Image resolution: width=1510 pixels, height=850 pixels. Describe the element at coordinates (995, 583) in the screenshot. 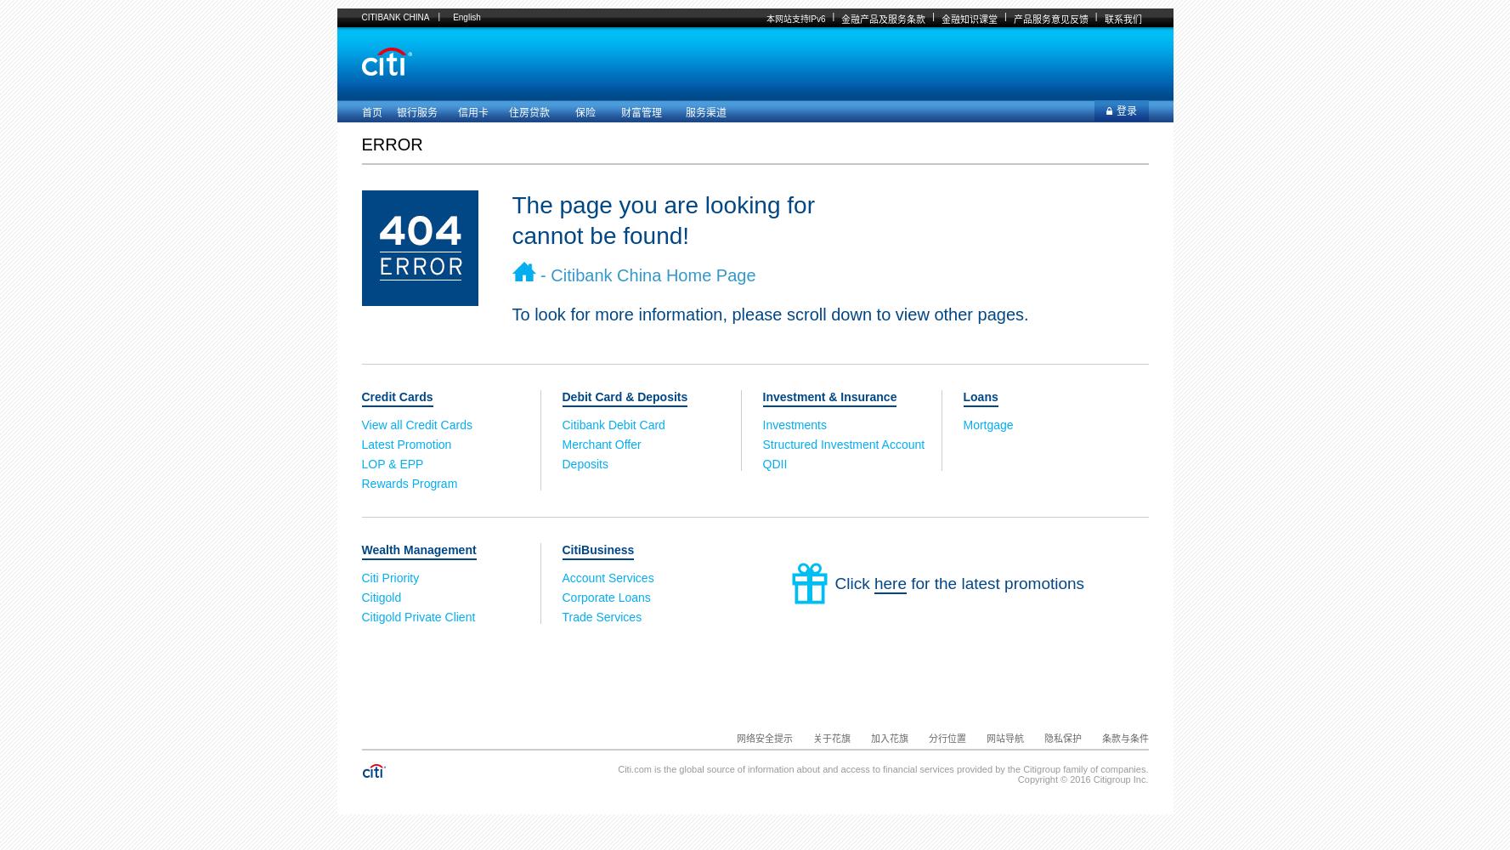

I see `'for the latest promotions'` at that location.